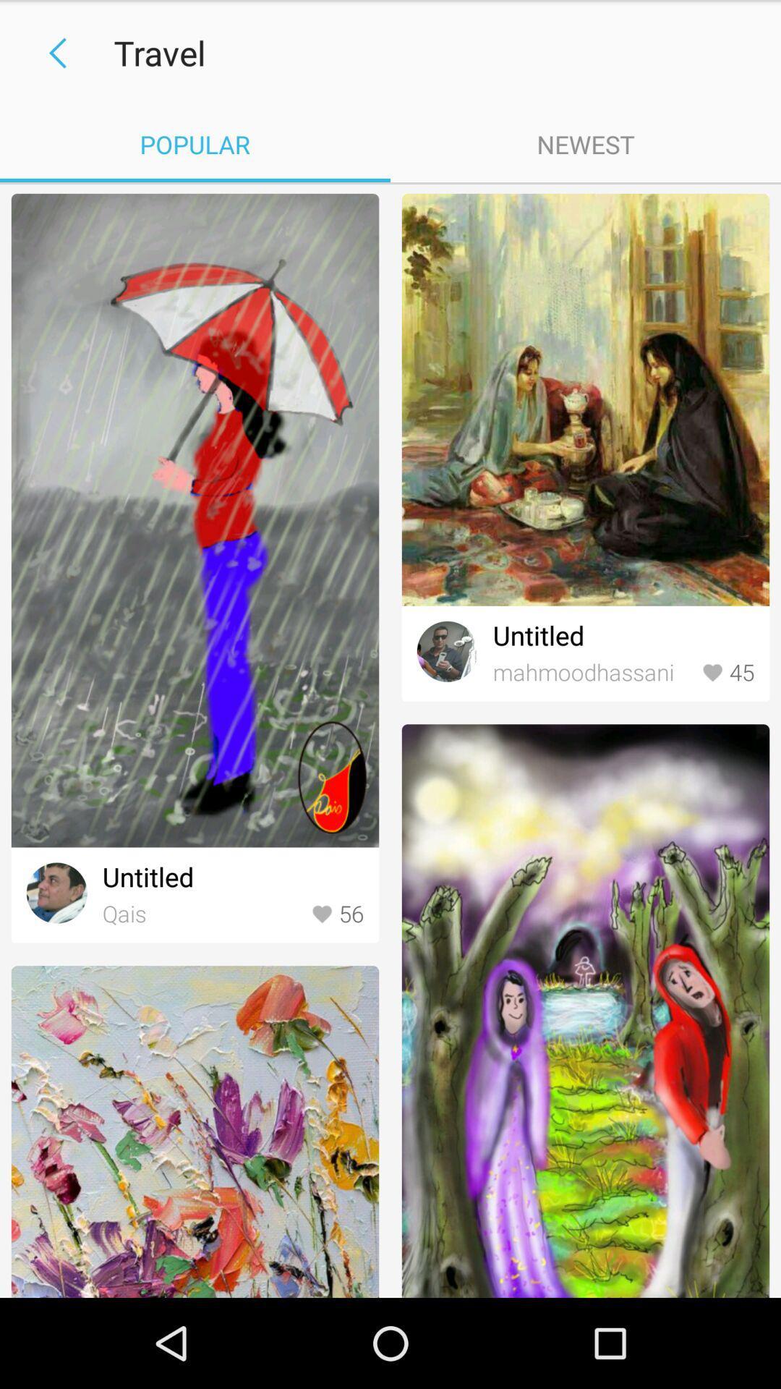  What do you see at coordinates (203, 914) in the screenshot?
I see `icon next to the 56` at bounding box center [203, 914].